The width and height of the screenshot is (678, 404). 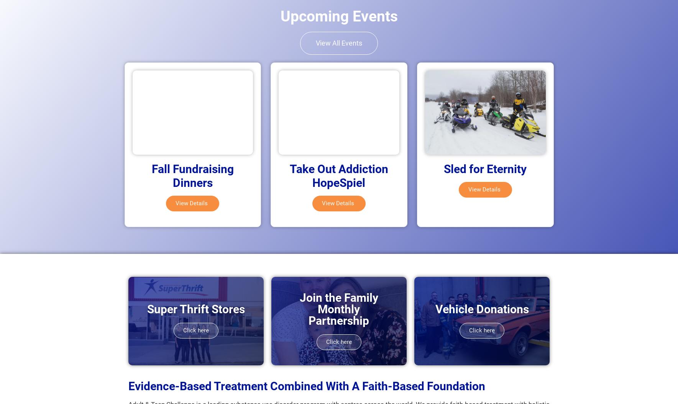 What do you see at coordinates (338, 175) in the screenshot?
I see `'Take Out Addiction HopeSpiel'` at bounding box center [338, 175].